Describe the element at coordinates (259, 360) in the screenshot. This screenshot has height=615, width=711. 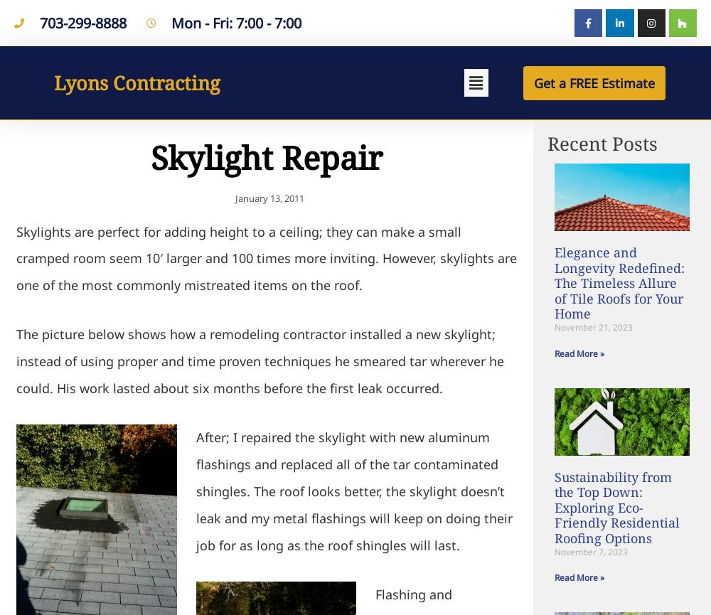
I see `'The picture below shows how a remodeling contractor installed a new skylight; instead of using proper and time proven techniques he smeared tar wherever he could. His work lasted about six months before the first leak occurred.'` at that location.